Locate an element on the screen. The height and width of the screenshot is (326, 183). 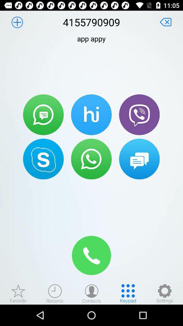
chat with number is located at coordinates (139, 159).